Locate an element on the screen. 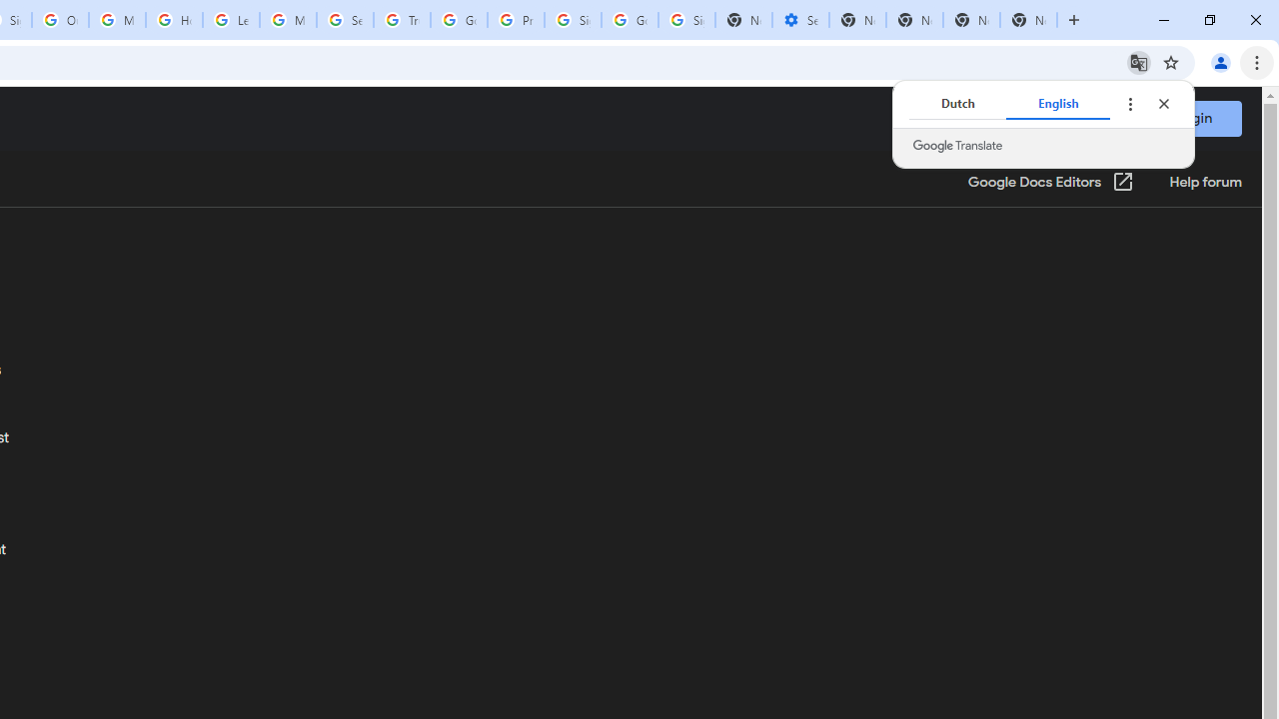 This screenshot has height=719, width=1279. 'Trusted Information and Content - Google Safety Center' is located at coordinates (401, 20).